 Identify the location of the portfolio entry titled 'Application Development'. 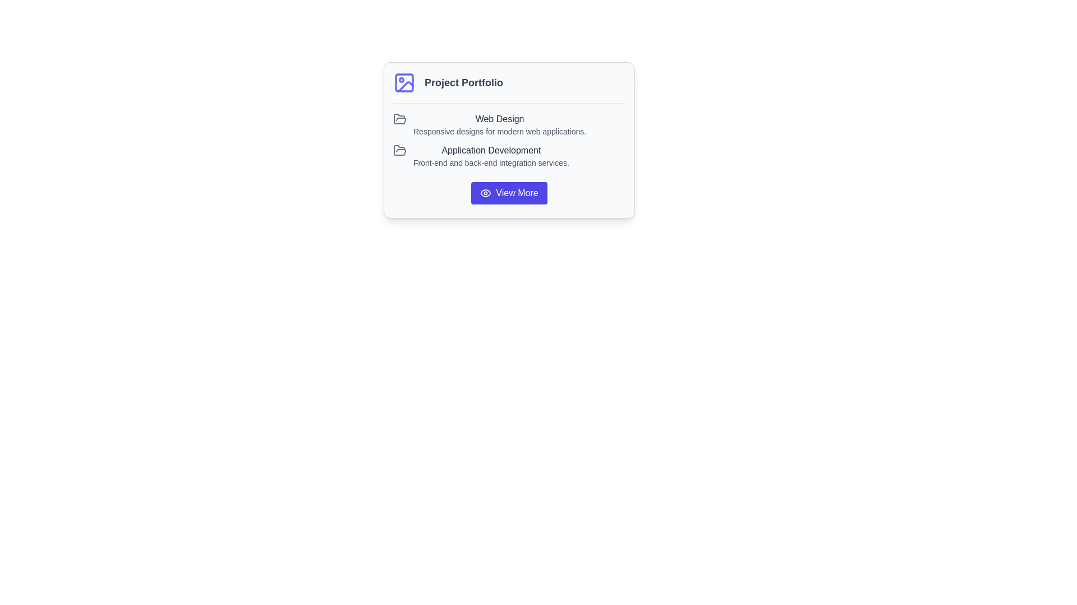
(508, 156).